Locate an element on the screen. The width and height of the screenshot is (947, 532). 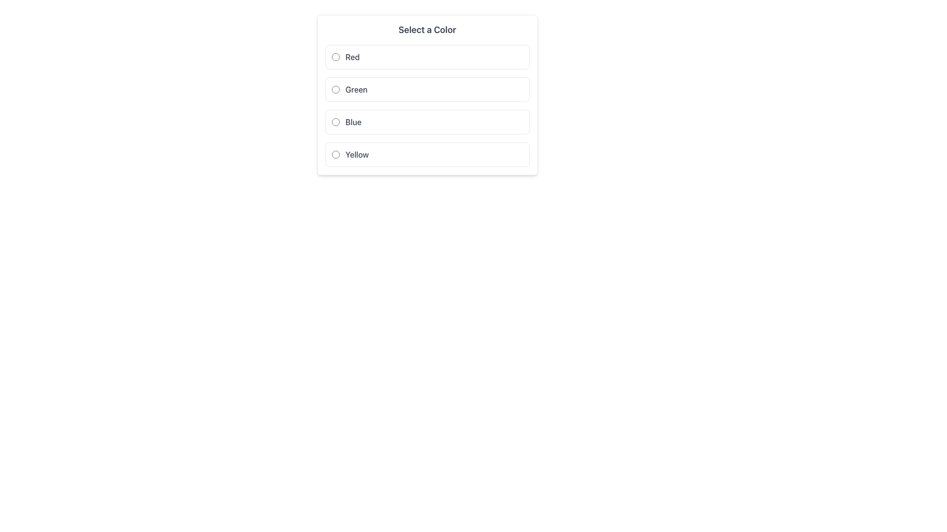
the radio button labeled 'Green' is located at coordinates (427, 89).